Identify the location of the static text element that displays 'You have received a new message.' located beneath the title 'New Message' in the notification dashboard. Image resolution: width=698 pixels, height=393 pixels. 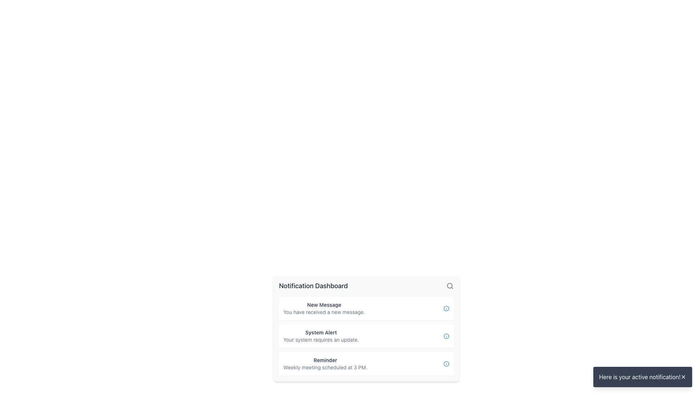
(324, 311).